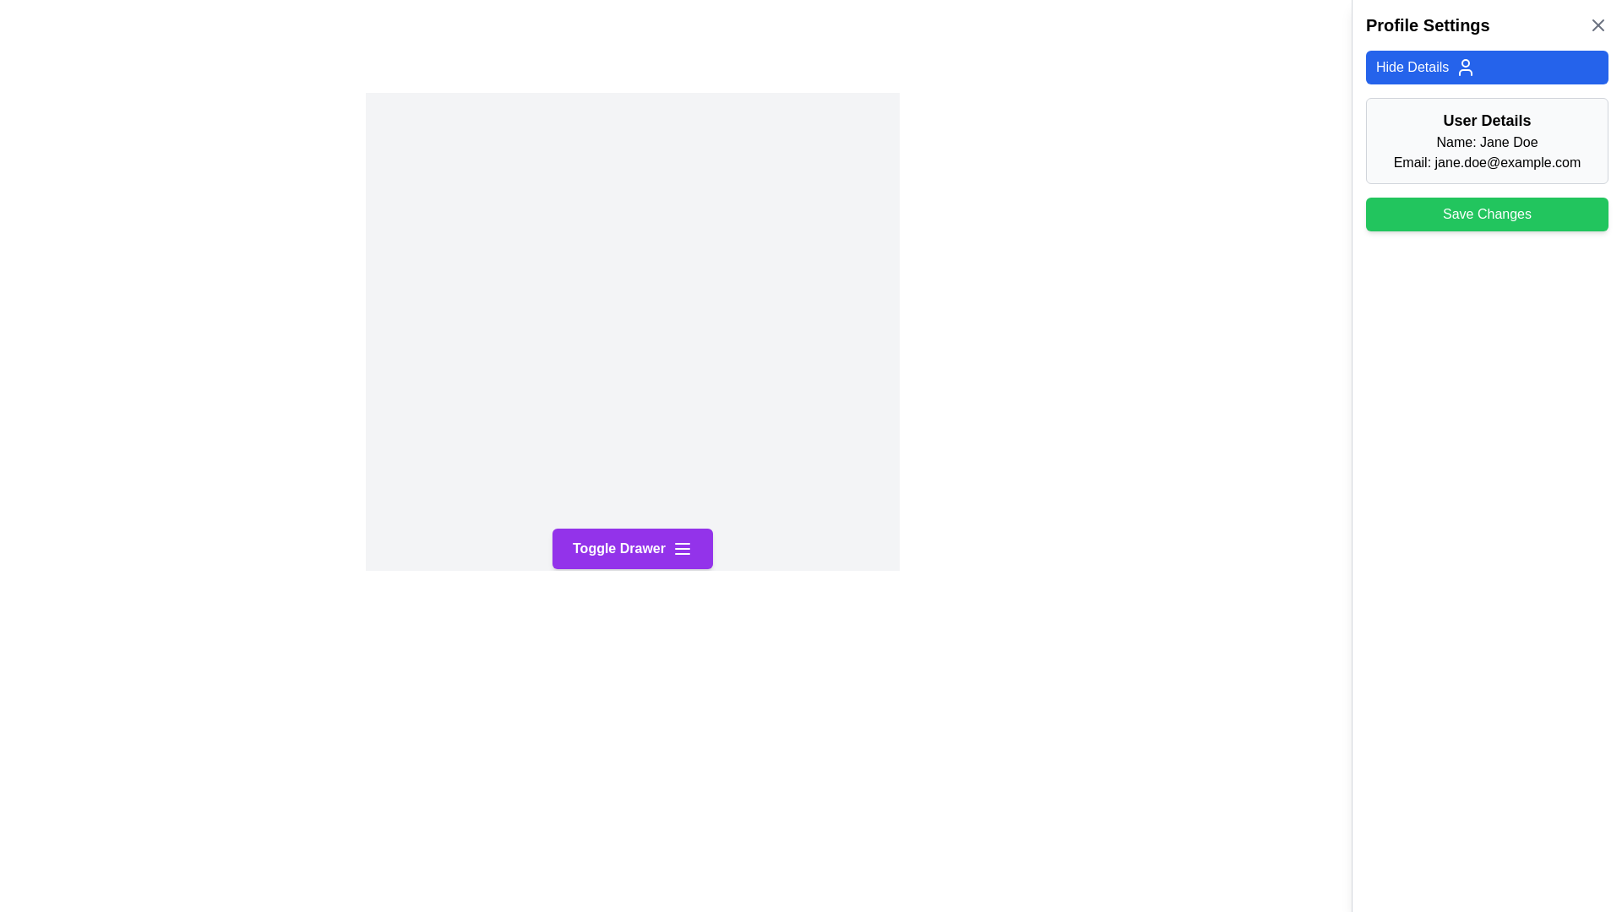  I want to click on the 'Profile Settings' header bar located at the top-right corner of the sidebar, so click(1487, 25).